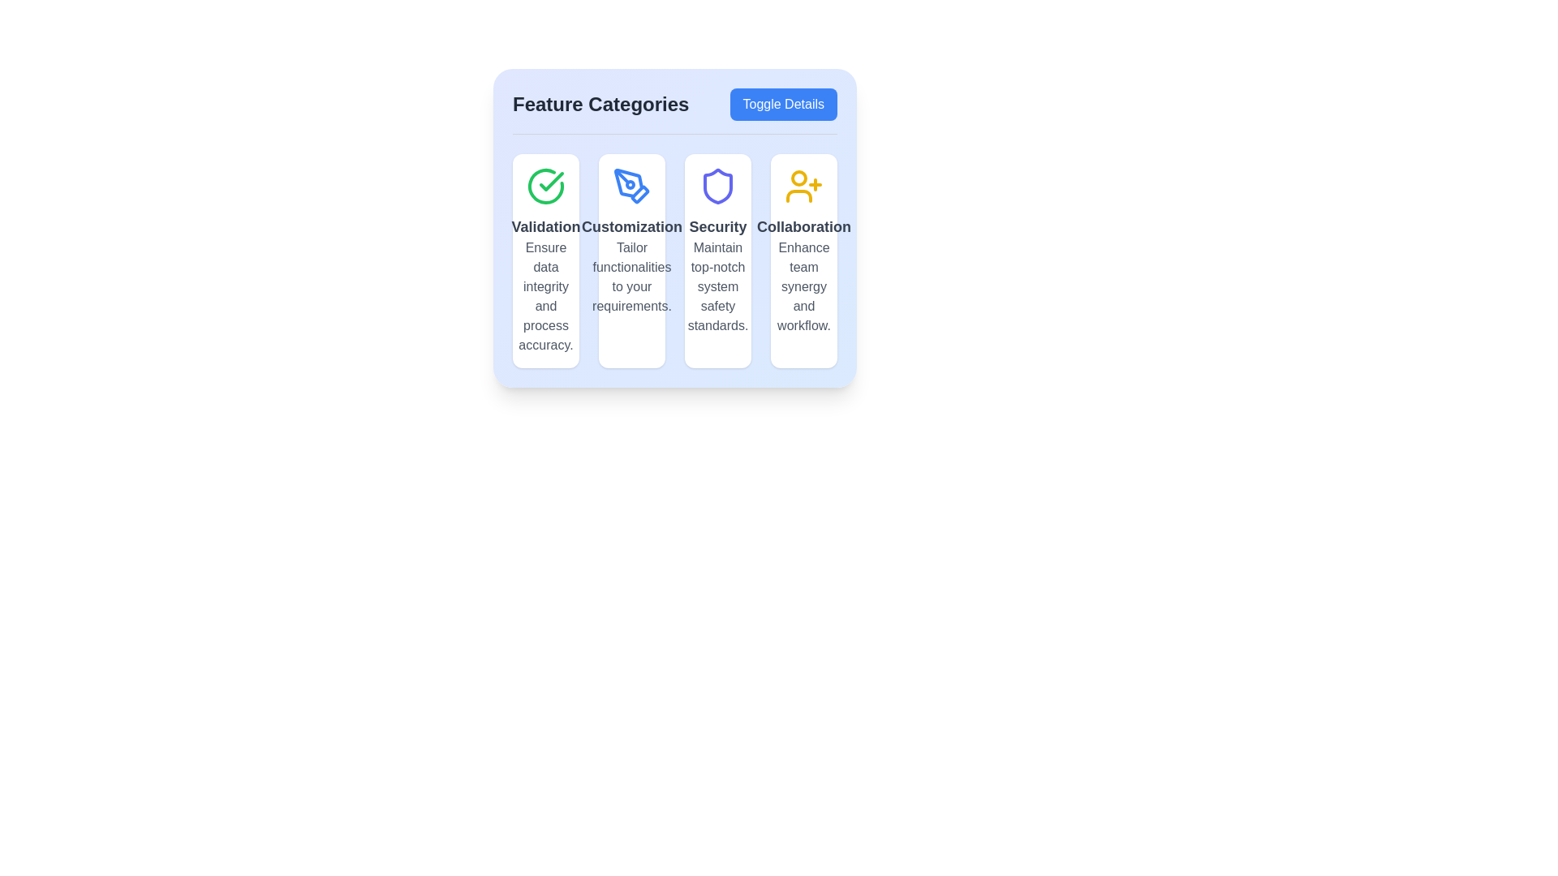  I want to click on supplementary description text label for the 'Collaboration' feature located below the title text in the fourth column of the feature categories section, so click(804, 286).